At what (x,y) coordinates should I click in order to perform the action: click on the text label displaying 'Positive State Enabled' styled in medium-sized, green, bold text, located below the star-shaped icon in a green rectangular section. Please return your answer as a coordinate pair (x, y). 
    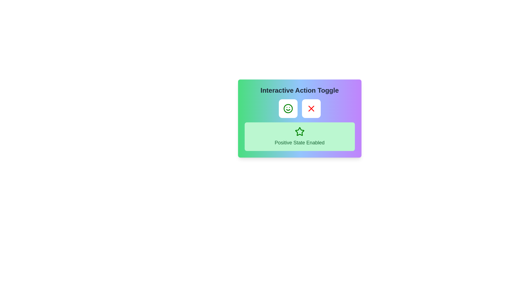
    Looking at the image, I should click on (299, 142).